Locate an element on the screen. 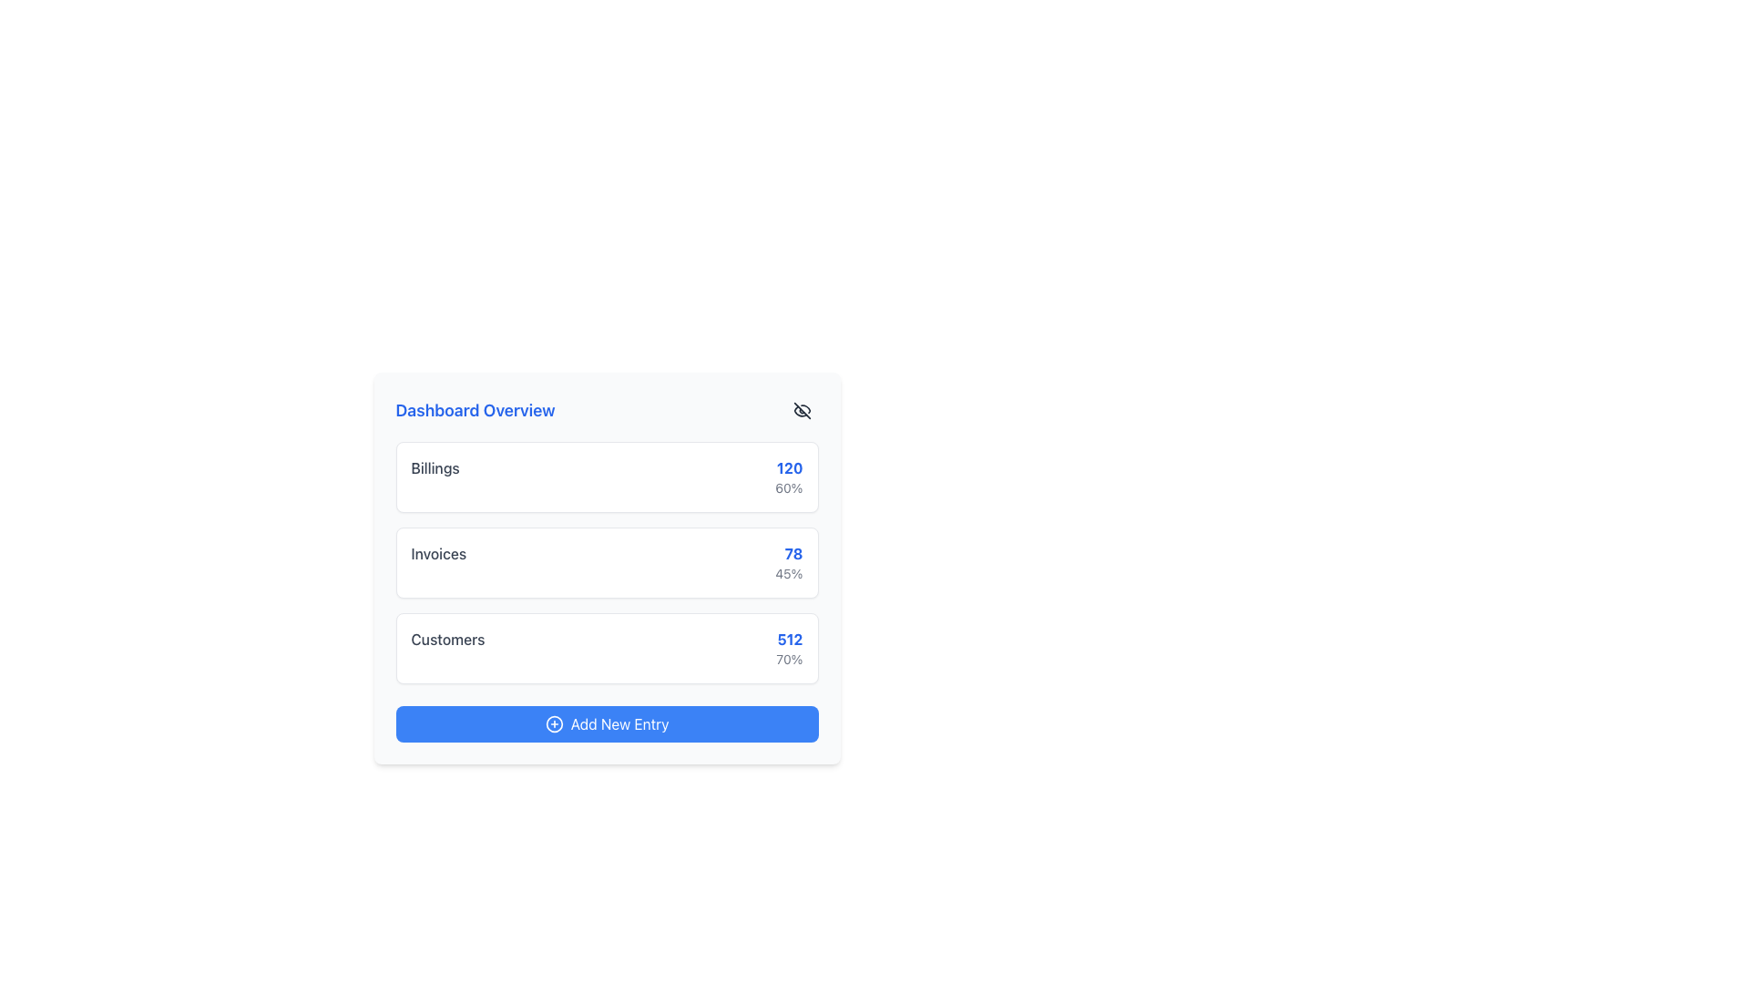  the blue bold text label displaying the number '120' located in the top-right part of the 'Billings' section of the dashboard is located at coordinates (789, 466).